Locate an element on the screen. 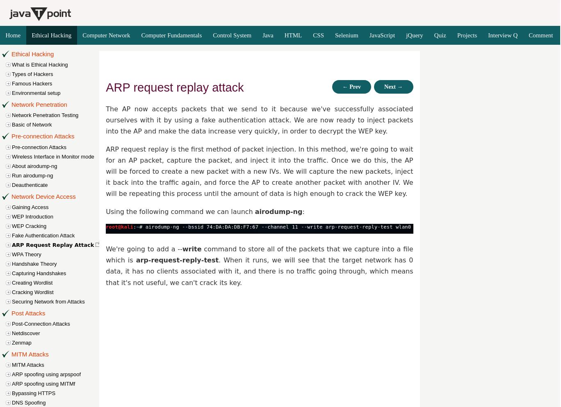 The image size is (561, 407). 'We're going to add a --' is located at coordinates (144, 248).